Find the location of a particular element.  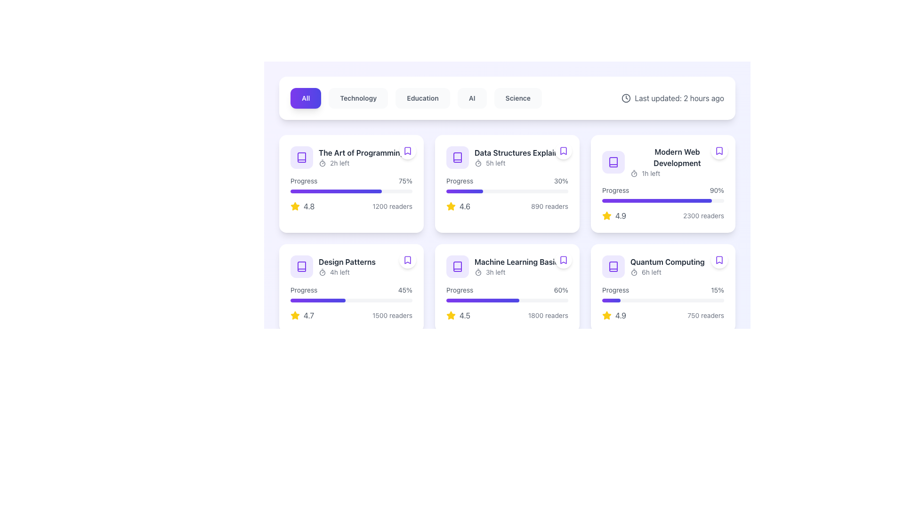

the bookmark icon located at the top-right corner of the card for 'The Art of Programming' is located at coordinates (407, 150).